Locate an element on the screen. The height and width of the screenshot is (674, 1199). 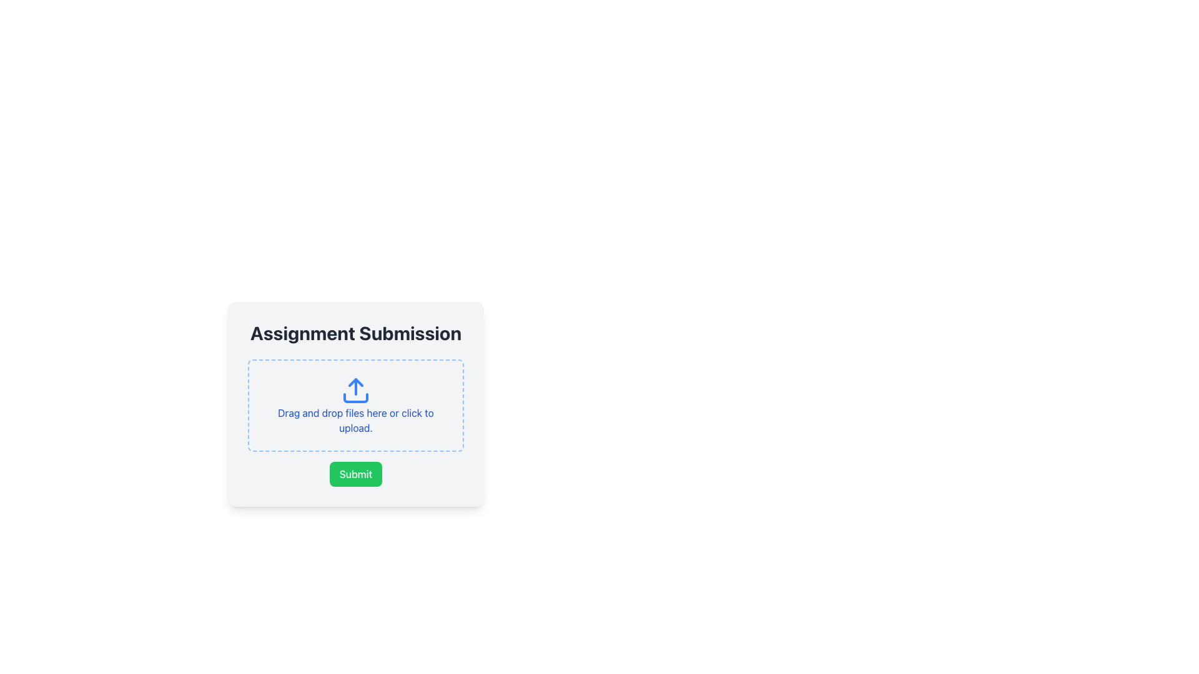
the File Upload Area below the 'Assignment Submission' heading is located at coordinates (355, 406).